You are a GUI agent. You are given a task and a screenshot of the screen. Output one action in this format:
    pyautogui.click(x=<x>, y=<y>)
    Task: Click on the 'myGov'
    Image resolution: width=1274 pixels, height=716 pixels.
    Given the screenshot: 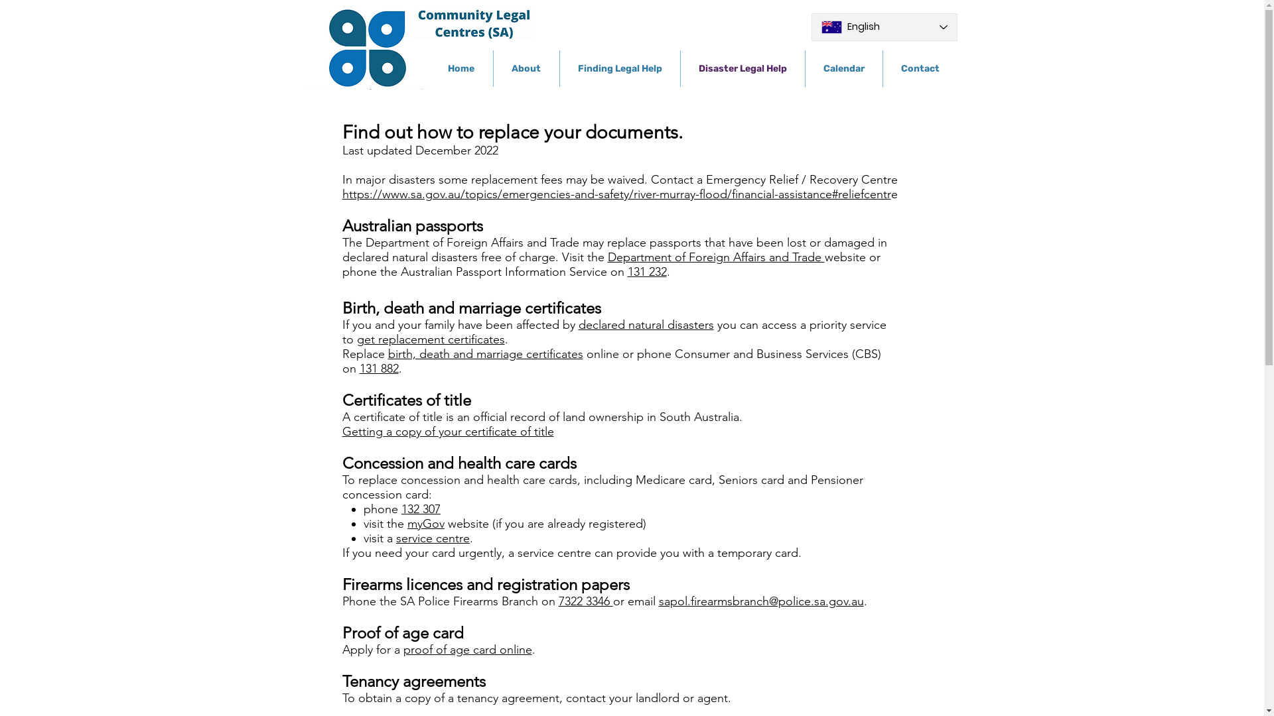 What is the action you would take?
    pyautogui.click(x=426, y=523)
    